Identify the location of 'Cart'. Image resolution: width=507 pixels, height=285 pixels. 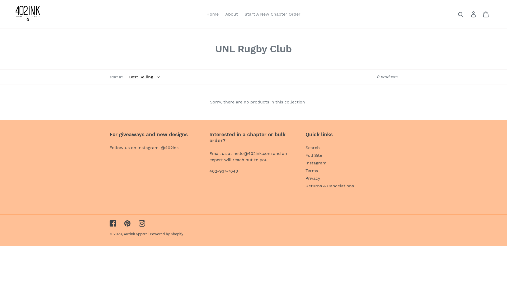
(486, 14).